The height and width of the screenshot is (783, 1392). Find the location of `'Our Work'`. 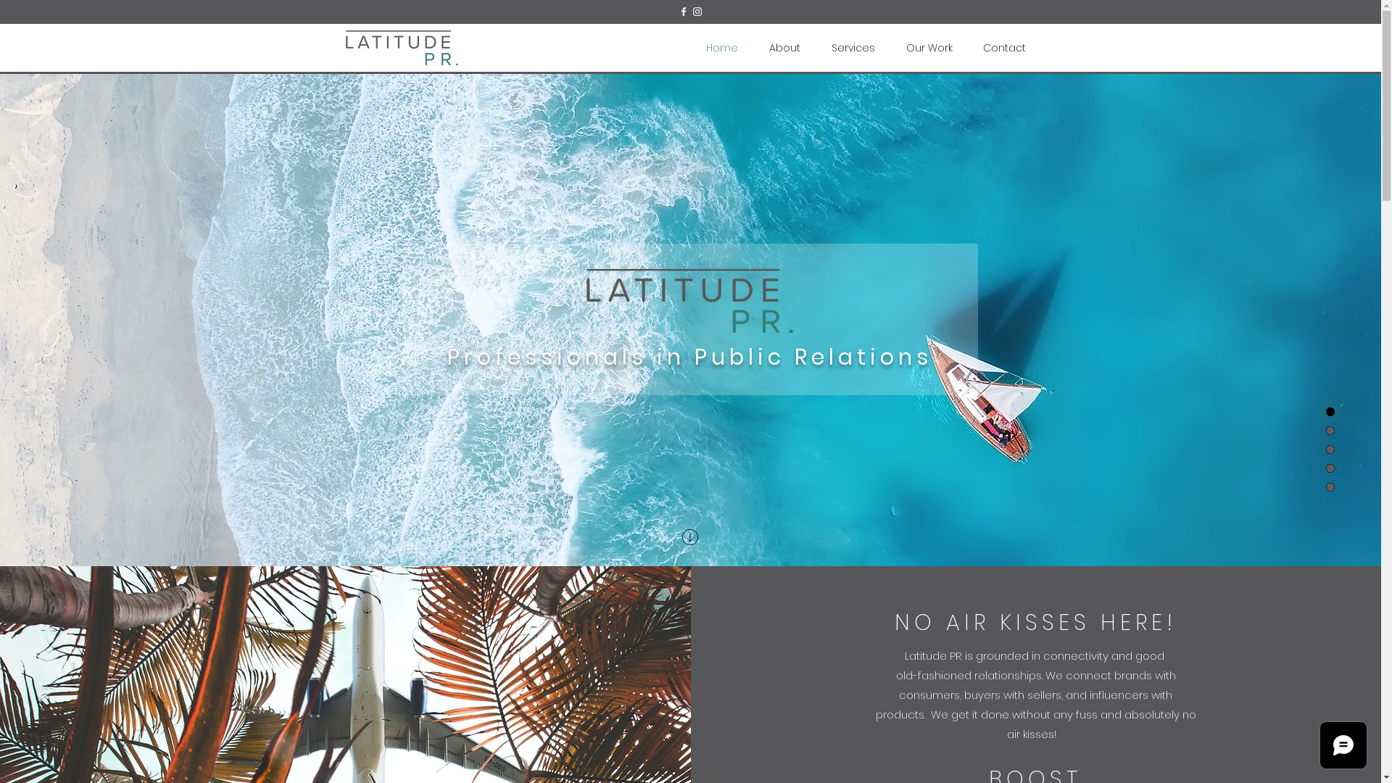

'Our Work' is located at coordinates (890, 47).